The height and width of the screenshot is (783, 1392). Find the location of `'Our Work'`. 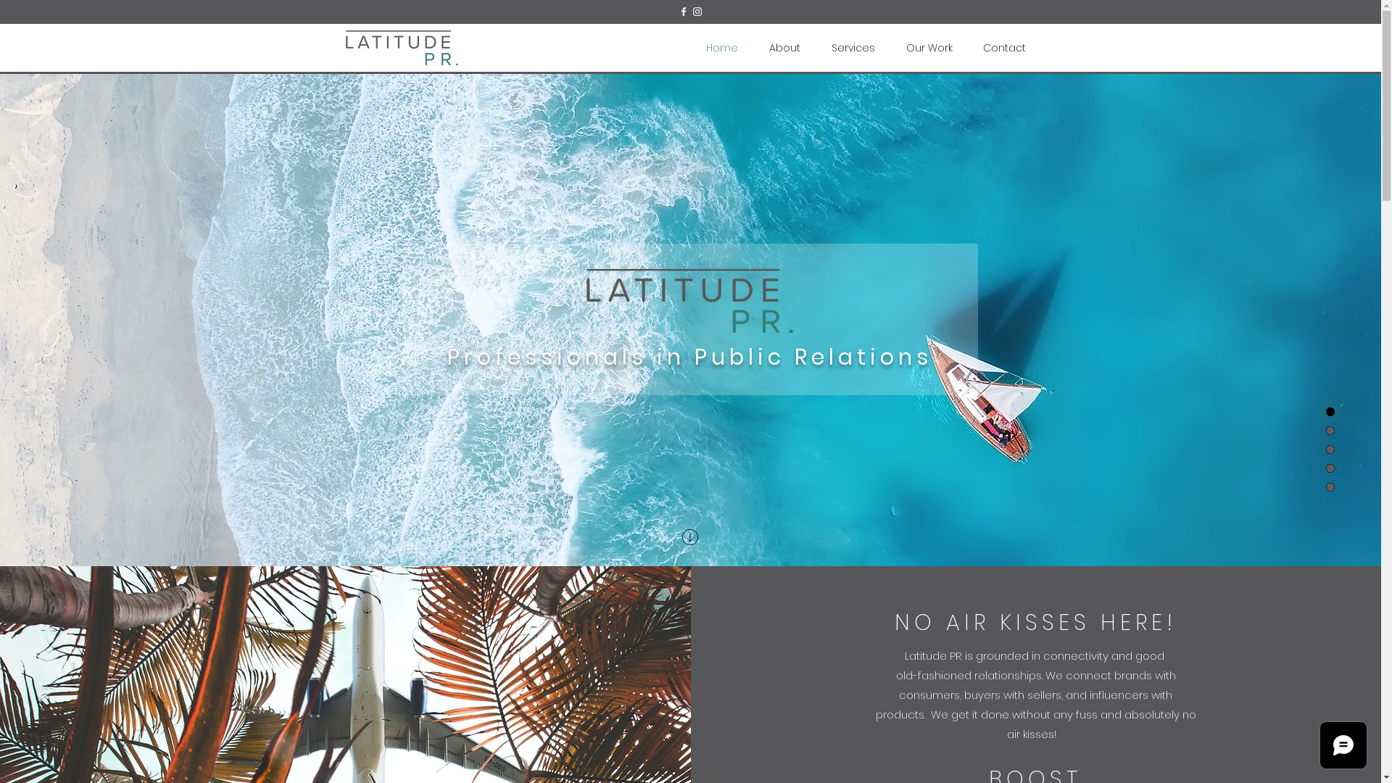

'Our Work' is located at coordinates (890, 47).